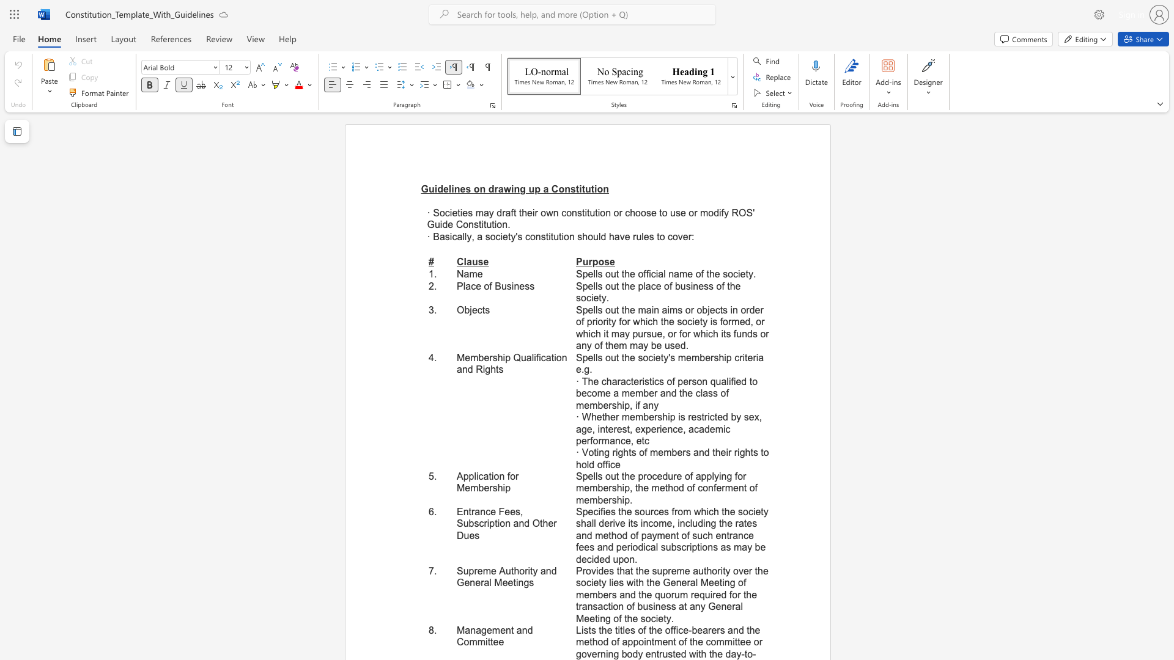  Describe the element at coordinates (698, 286) in the screenshot. I see `the subset text "ess of the socie" within the text "Spells out the place of business of the society."` at that location.